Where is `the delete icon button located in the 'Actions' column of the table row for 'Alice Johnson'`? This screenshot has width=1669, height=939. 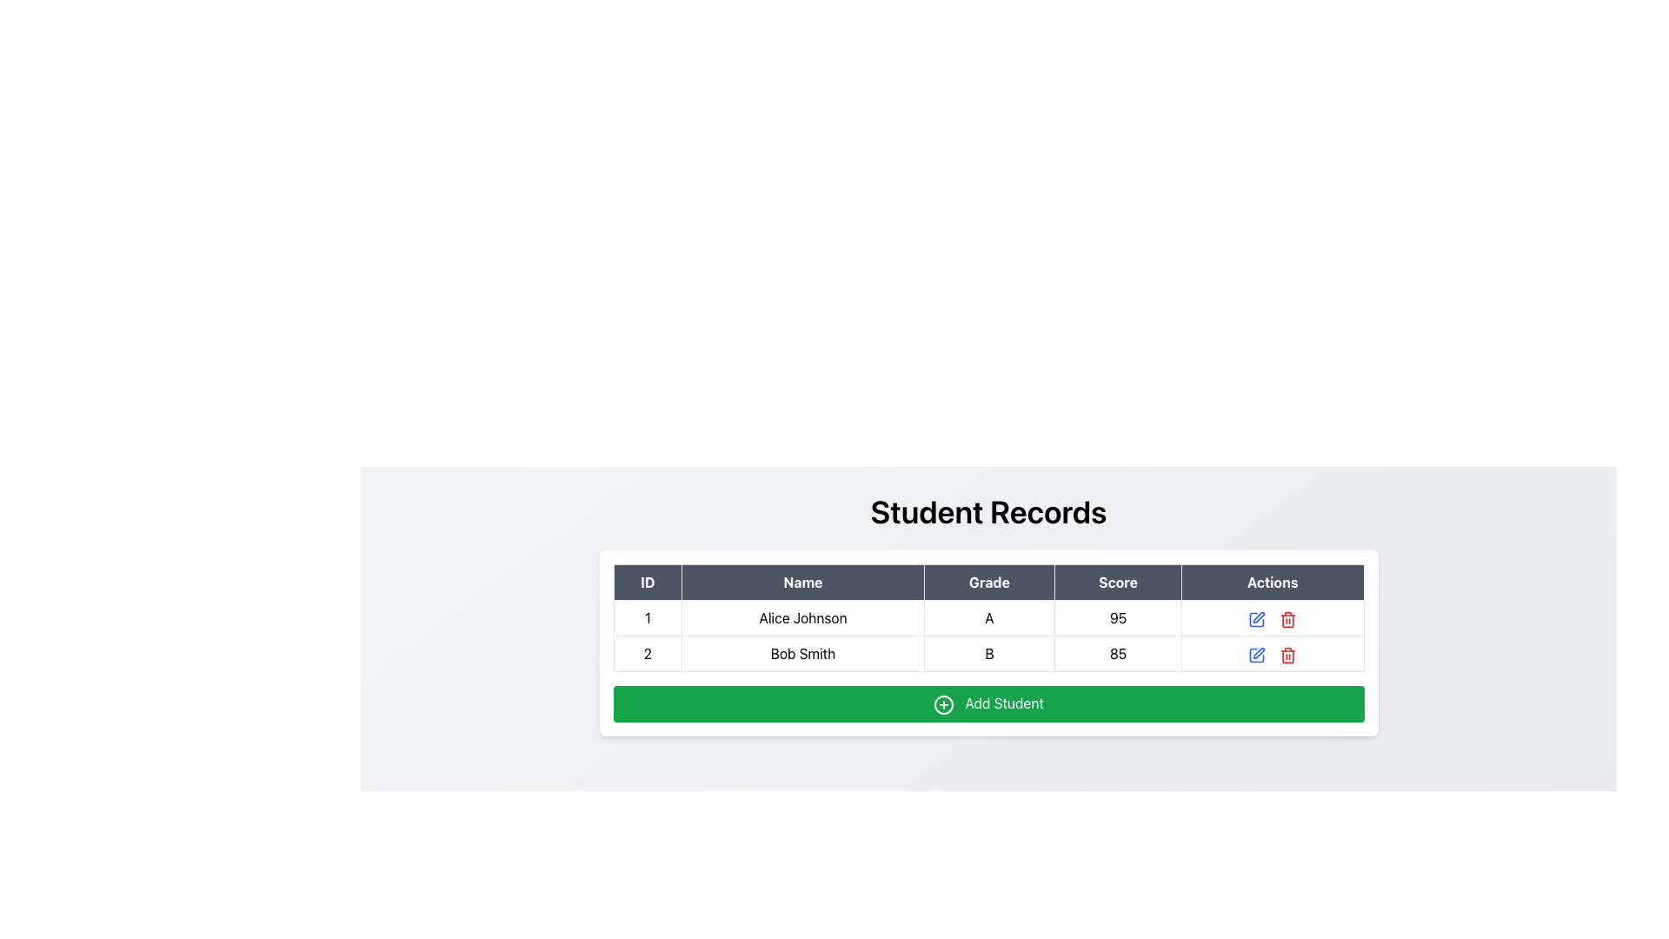
the delete icon button located in the 'Actions' column of the table row for 'Alice Johnson' is located at coordinates (1288, 616).